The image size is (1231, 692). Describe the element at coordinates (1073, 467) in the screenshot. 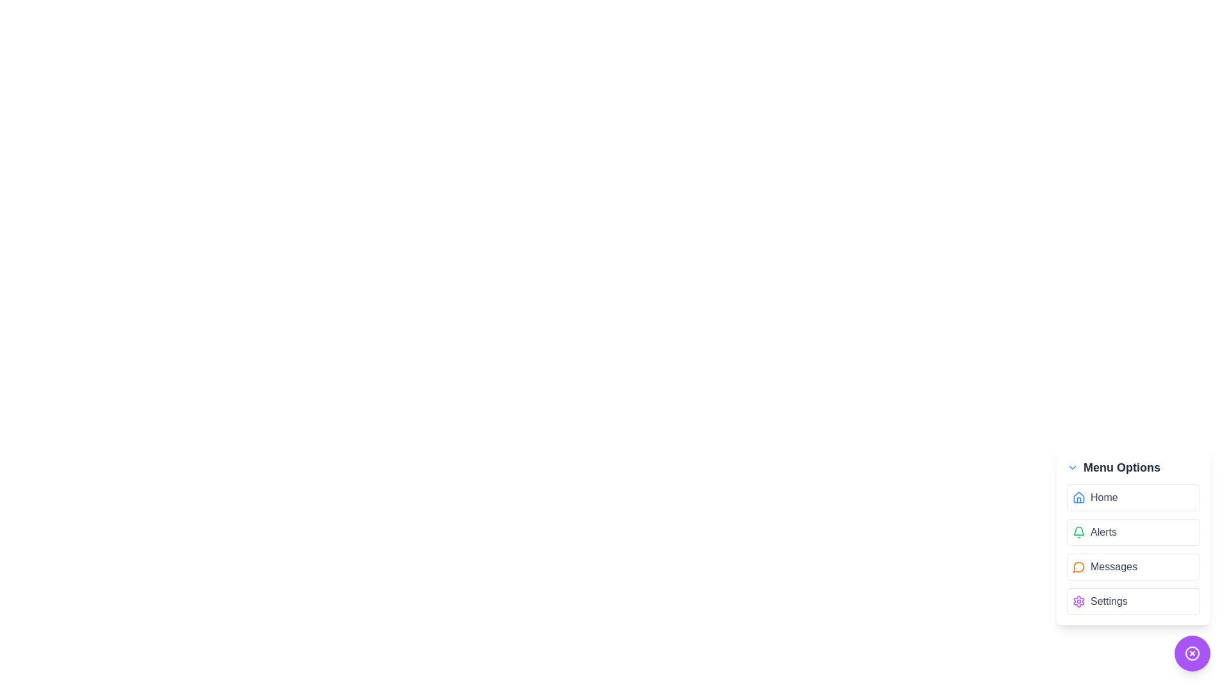

I see `the small blue downward-pointing chevron icon located to the left of the 'Menu Options' header` at that location.